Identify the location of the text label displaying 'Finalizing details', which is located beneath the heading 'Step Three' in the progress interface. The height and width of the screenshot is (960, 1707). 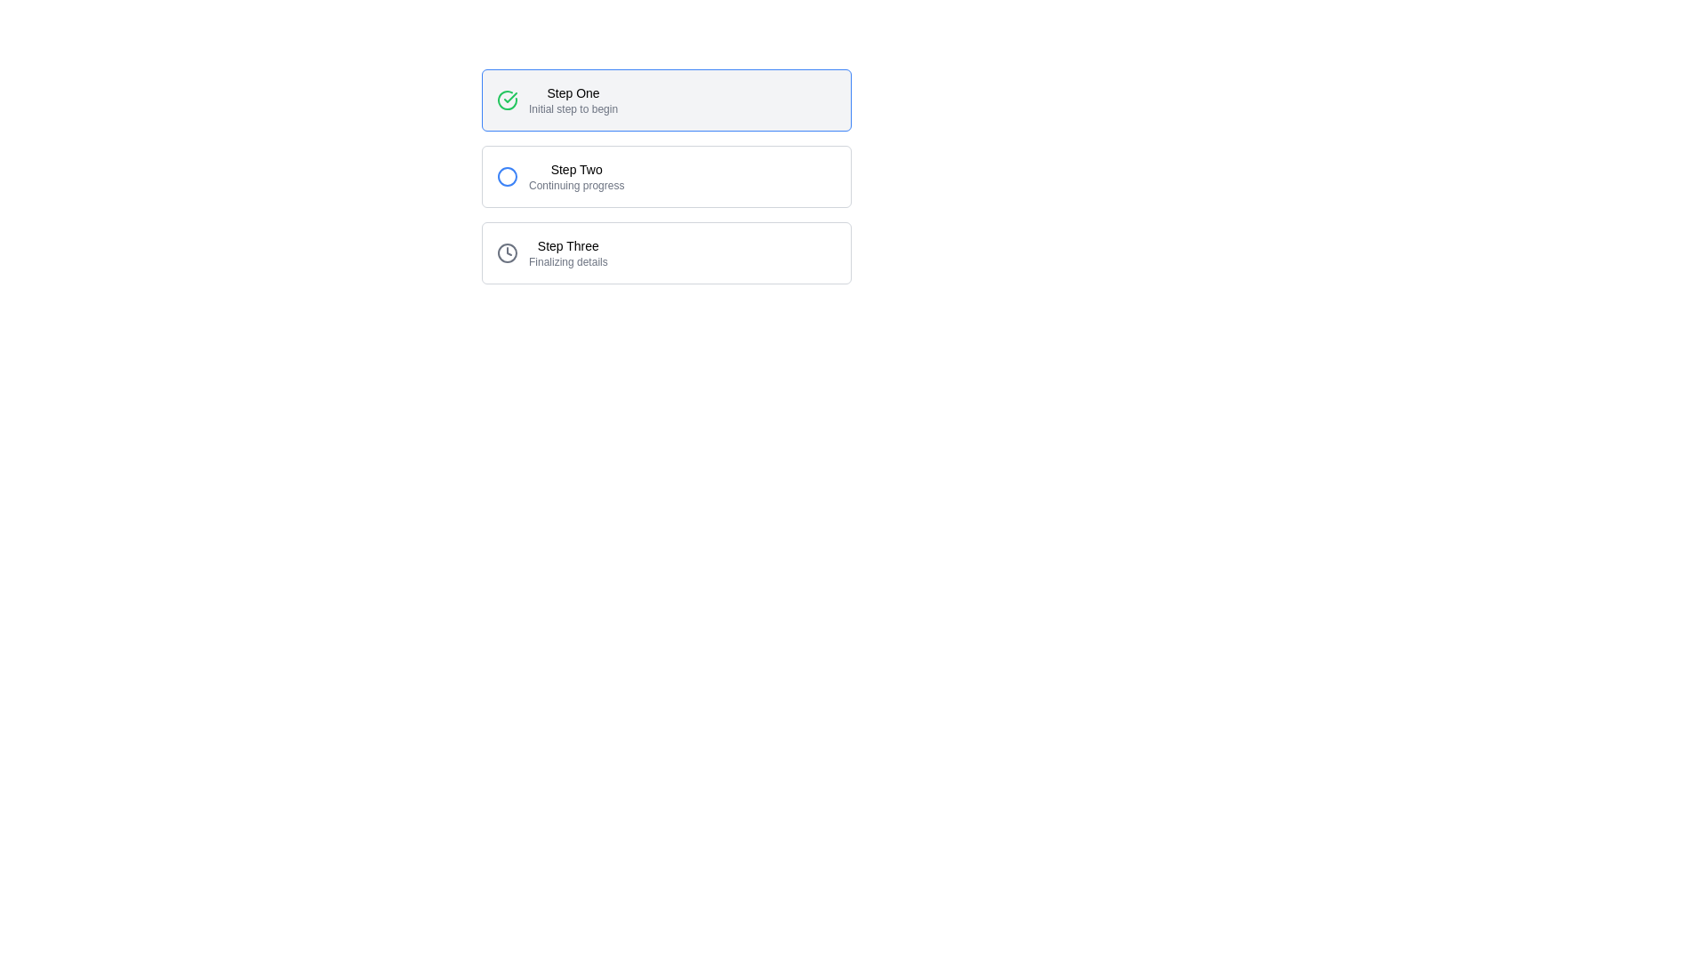
(567, 261).